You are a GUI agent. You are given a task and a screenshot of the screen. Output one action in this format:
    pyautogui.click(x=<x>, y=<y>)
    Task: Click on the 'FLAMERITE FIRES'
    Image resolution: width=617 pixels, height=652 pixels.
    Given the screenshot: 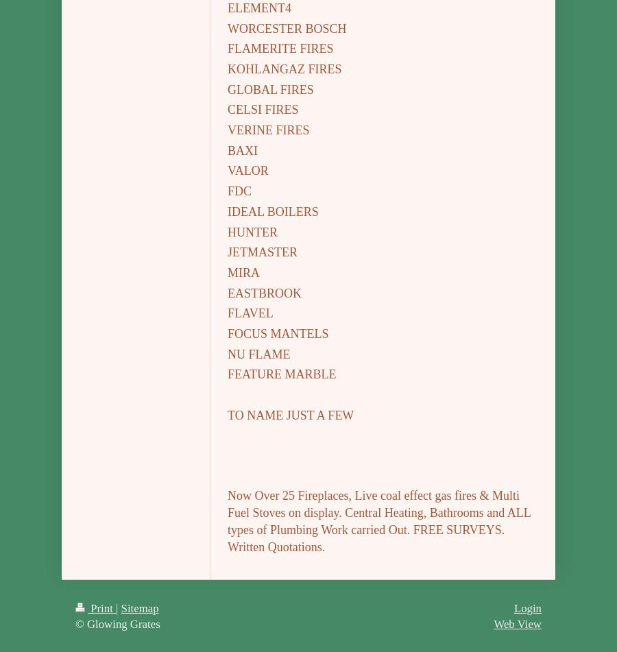 What is the action you would take?
    pyautogui.click(x=227, y=49)
    